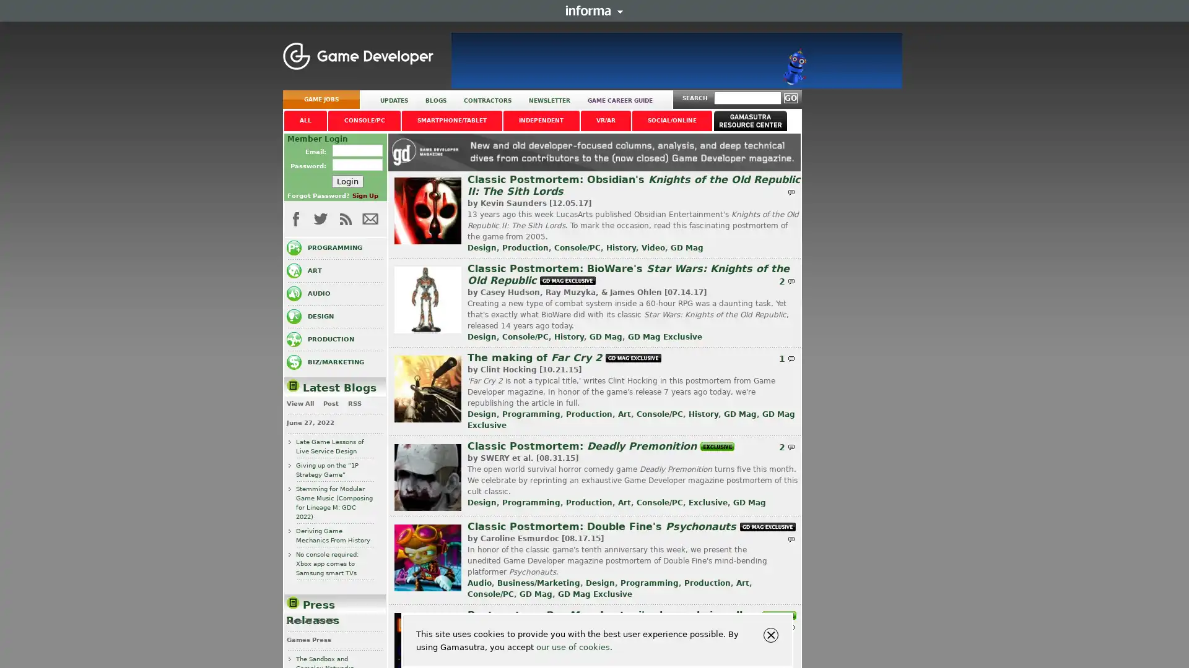  Describe the element at coordinates (594, 10) in the screenshot. I see `Informa` at that location.